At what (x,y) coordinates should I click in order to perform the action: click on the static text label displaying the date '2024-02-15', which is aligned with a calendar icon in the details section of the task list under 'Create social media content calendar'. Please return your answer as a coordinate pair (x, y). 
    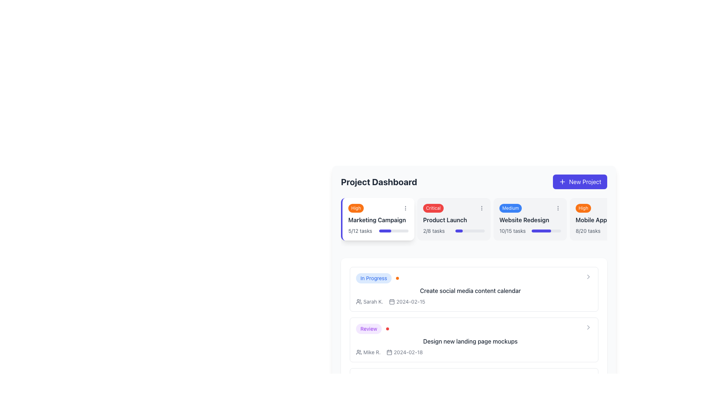
    Looking at the image, I should click on (411, 301).